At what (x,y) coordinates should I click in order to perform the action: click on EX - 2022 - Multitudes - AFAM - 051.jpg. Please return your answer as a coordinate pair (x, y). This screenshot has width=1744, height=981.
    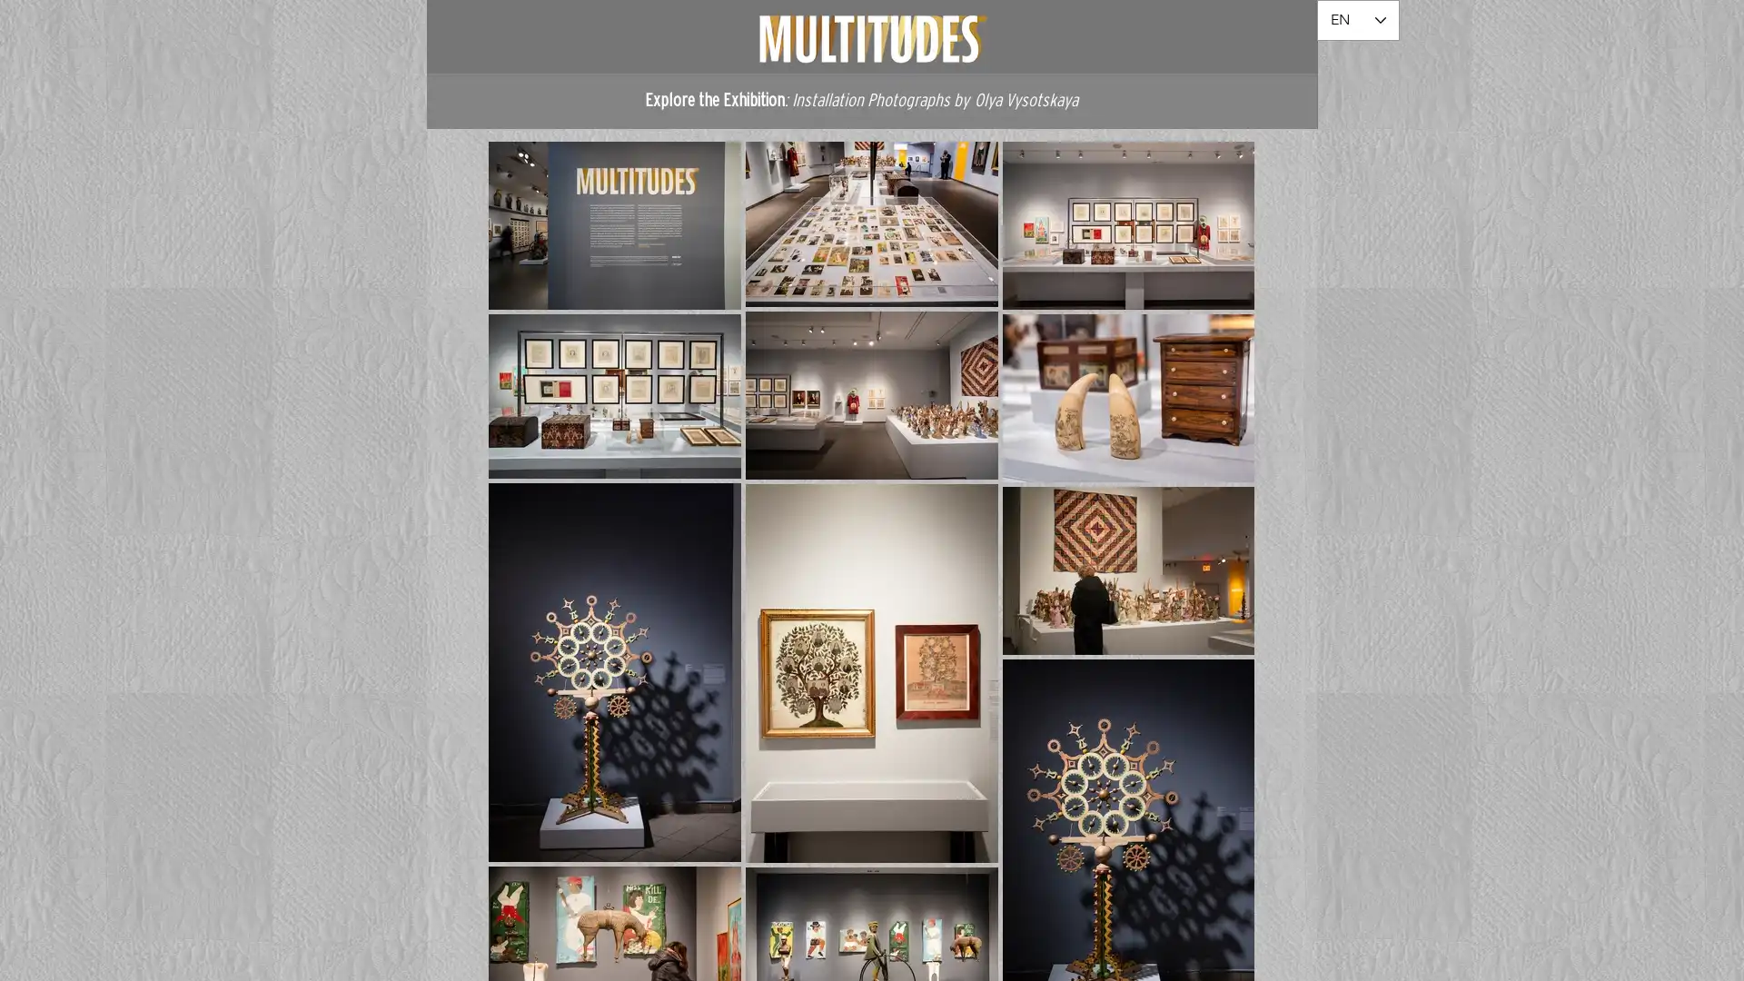
    Looking at the image, I should click on (1127, 224).